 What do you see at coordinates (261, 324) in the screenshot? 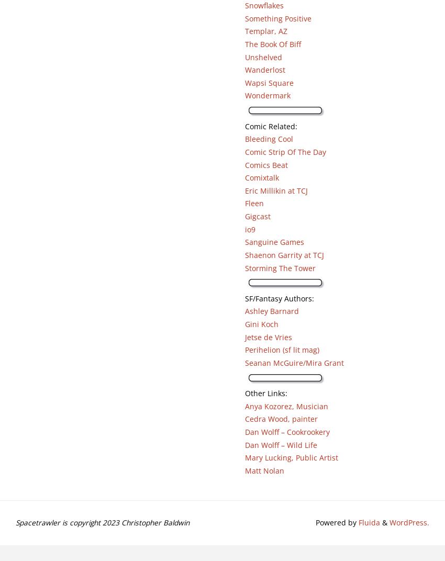
I see `'Gini Koch'` at bounding box center [261, 324].